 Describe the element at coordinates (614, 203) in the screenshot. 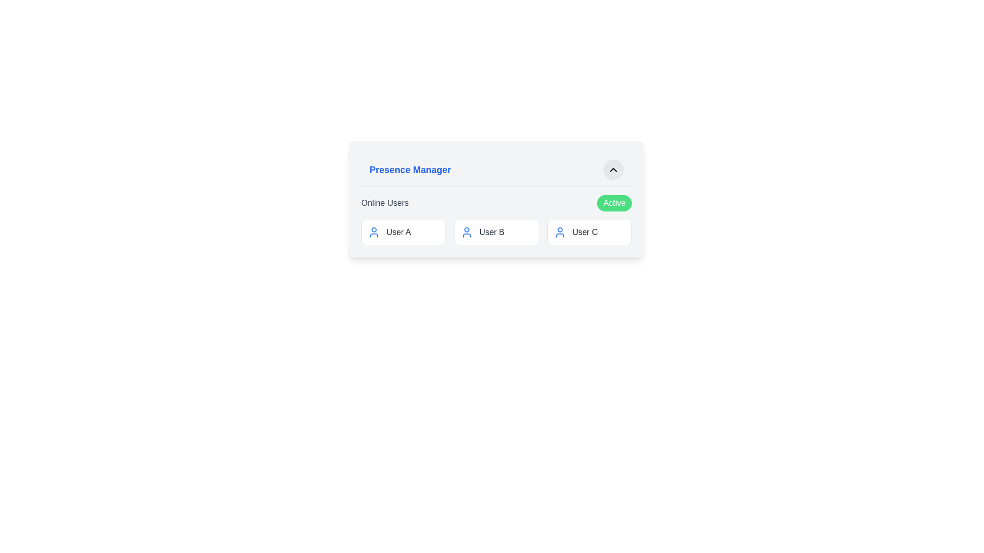

I see `the Status indicator label that conveys an 'Active' state, positioned on the right-hand side of the 'Online Users' text` at that location.